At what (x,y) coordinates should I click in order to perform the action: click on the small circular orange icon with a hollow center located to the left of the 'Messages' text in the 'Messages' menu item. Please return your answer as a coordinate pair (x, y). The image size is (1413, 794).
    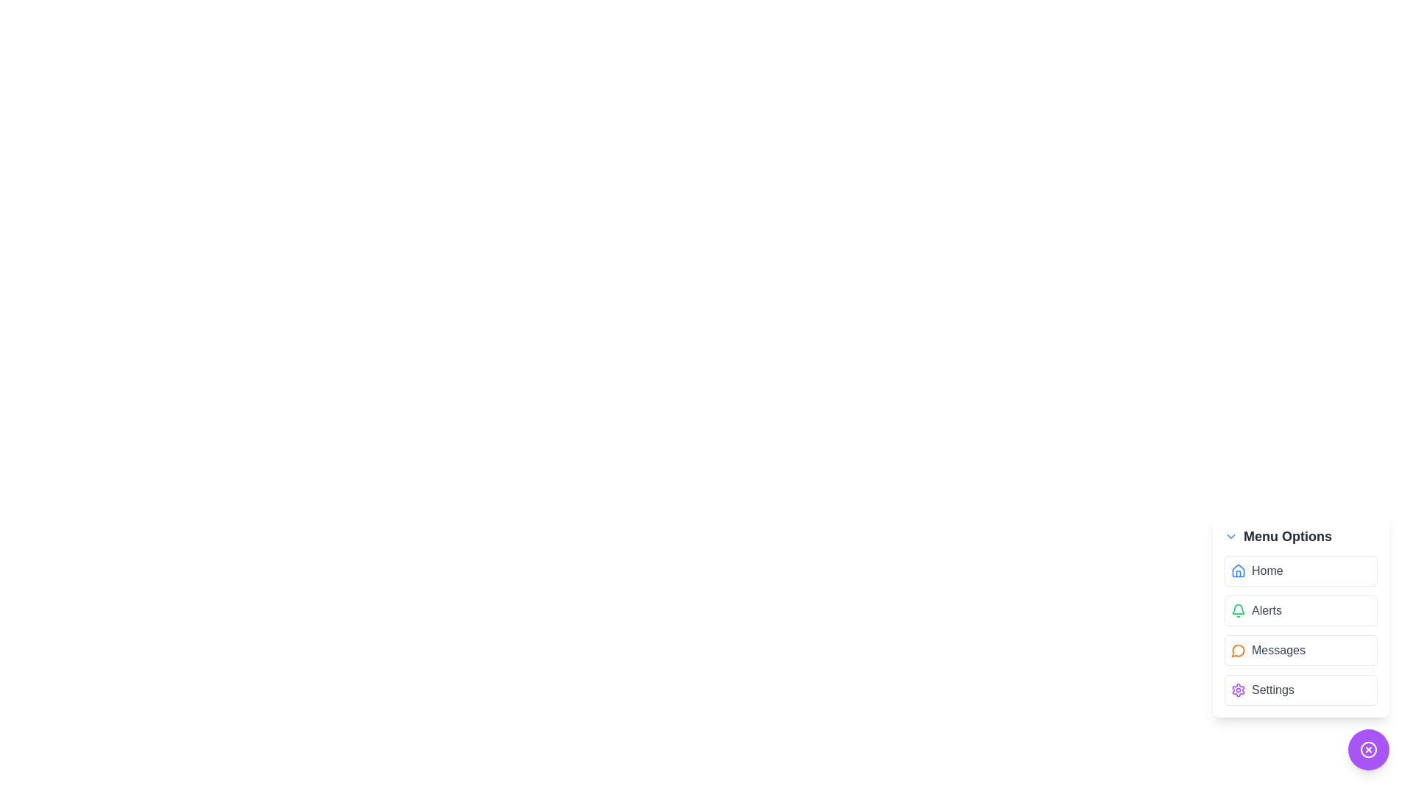
    Looking at the image, I should click on (1238, 649).